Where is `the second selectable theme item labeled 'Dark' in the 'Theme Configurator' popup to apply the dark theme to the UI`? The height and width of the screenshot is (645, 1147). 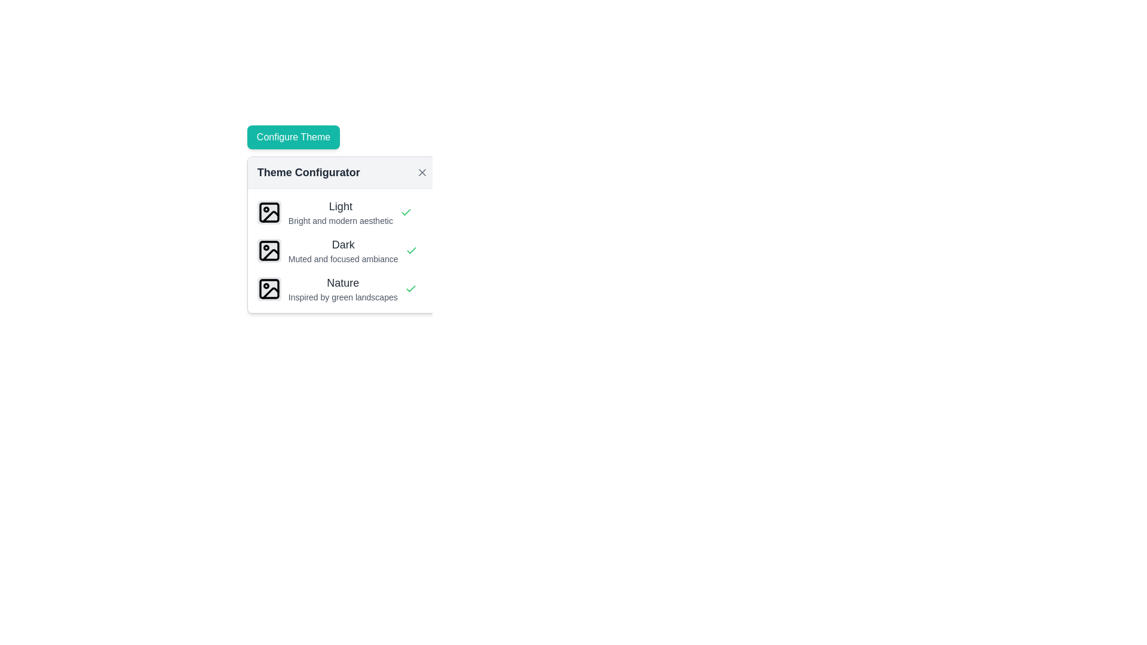 the second selectable theme item labeled 'Dark' in the 'Theme Configurator' popup to apply the dark theme to the UI is located at coordinates (342, 250).